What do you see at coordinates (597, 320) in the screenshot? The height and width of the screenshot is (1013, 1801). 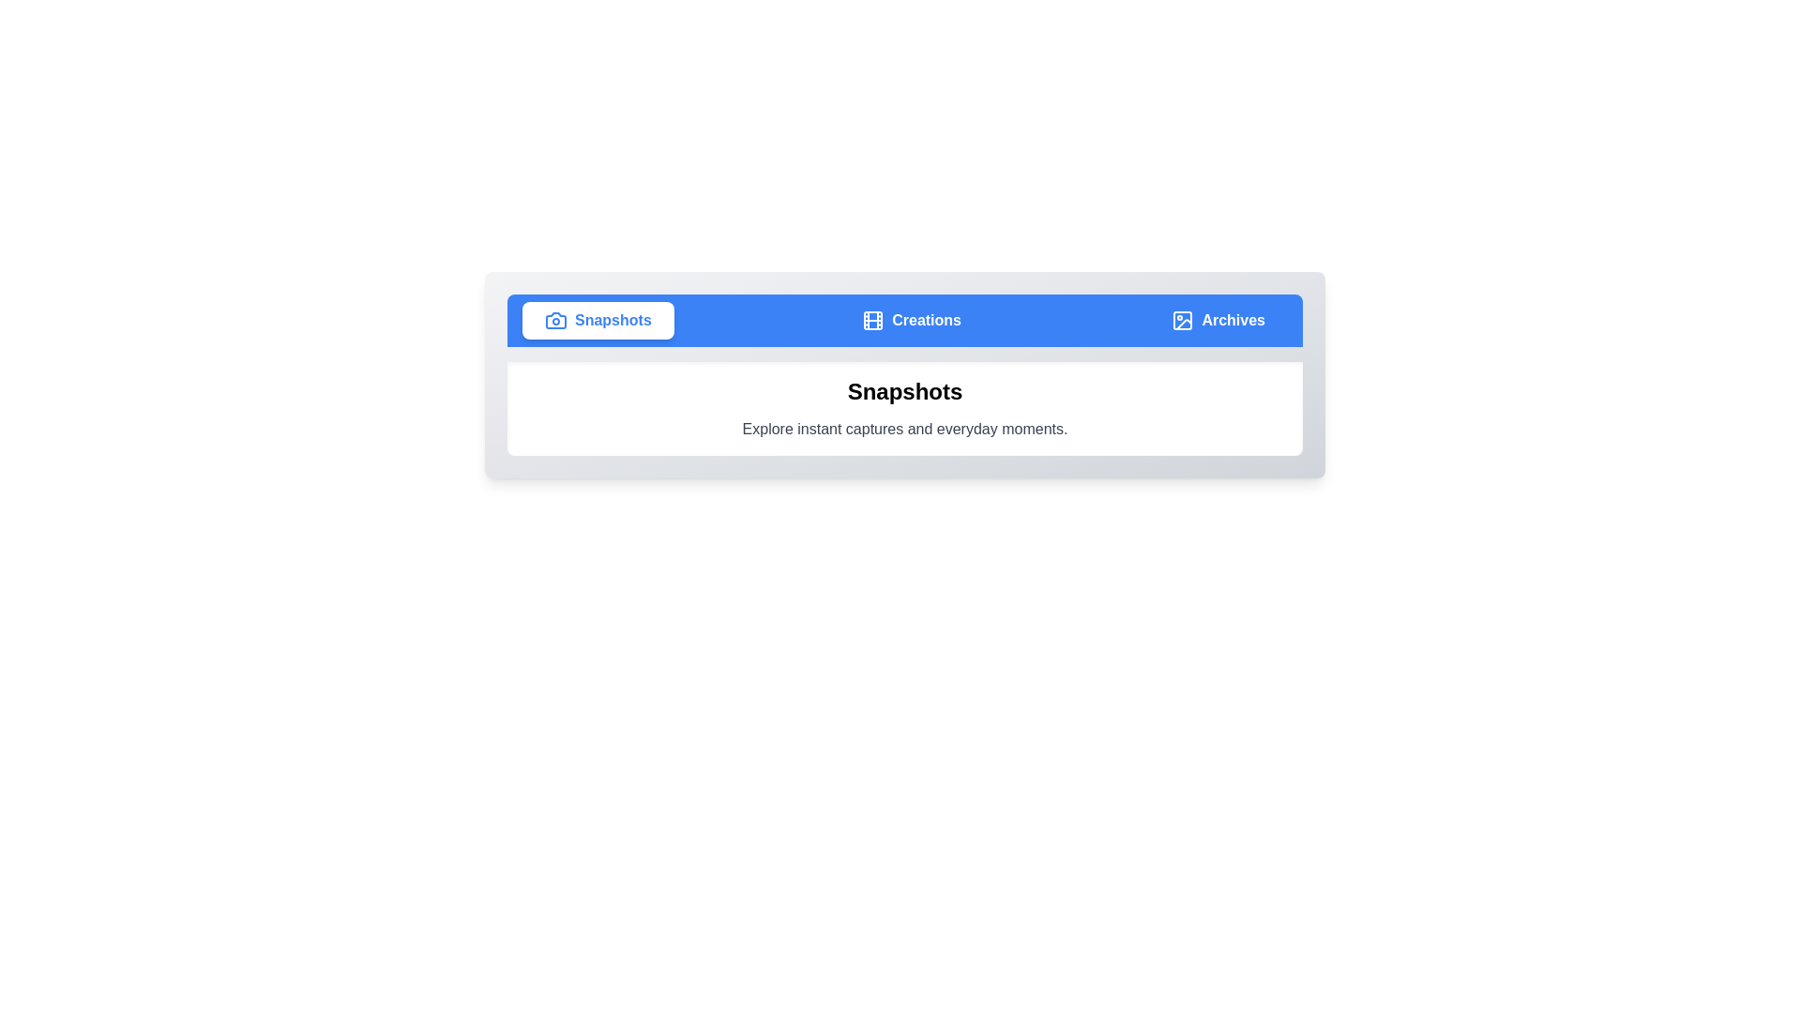 I see `the Snapshots tab to select it` at bounding box center [597, 320].